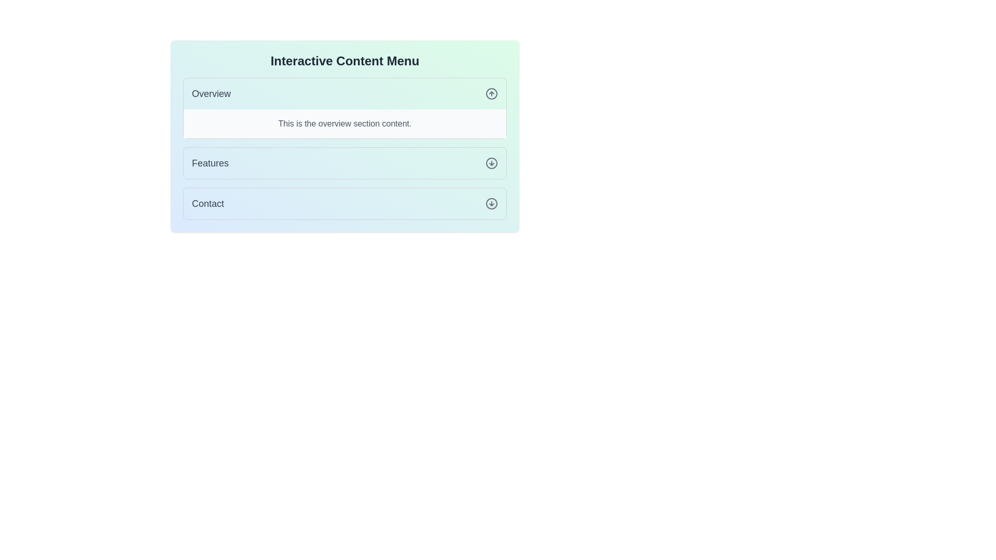  What do you see at coordinates (491, 94) in the screenshot?
I see `the circular outline icon with an upward arrow at the top-right corner of the 'Overview' section for visual or interactive feedback` at bounding box center [491, 94].